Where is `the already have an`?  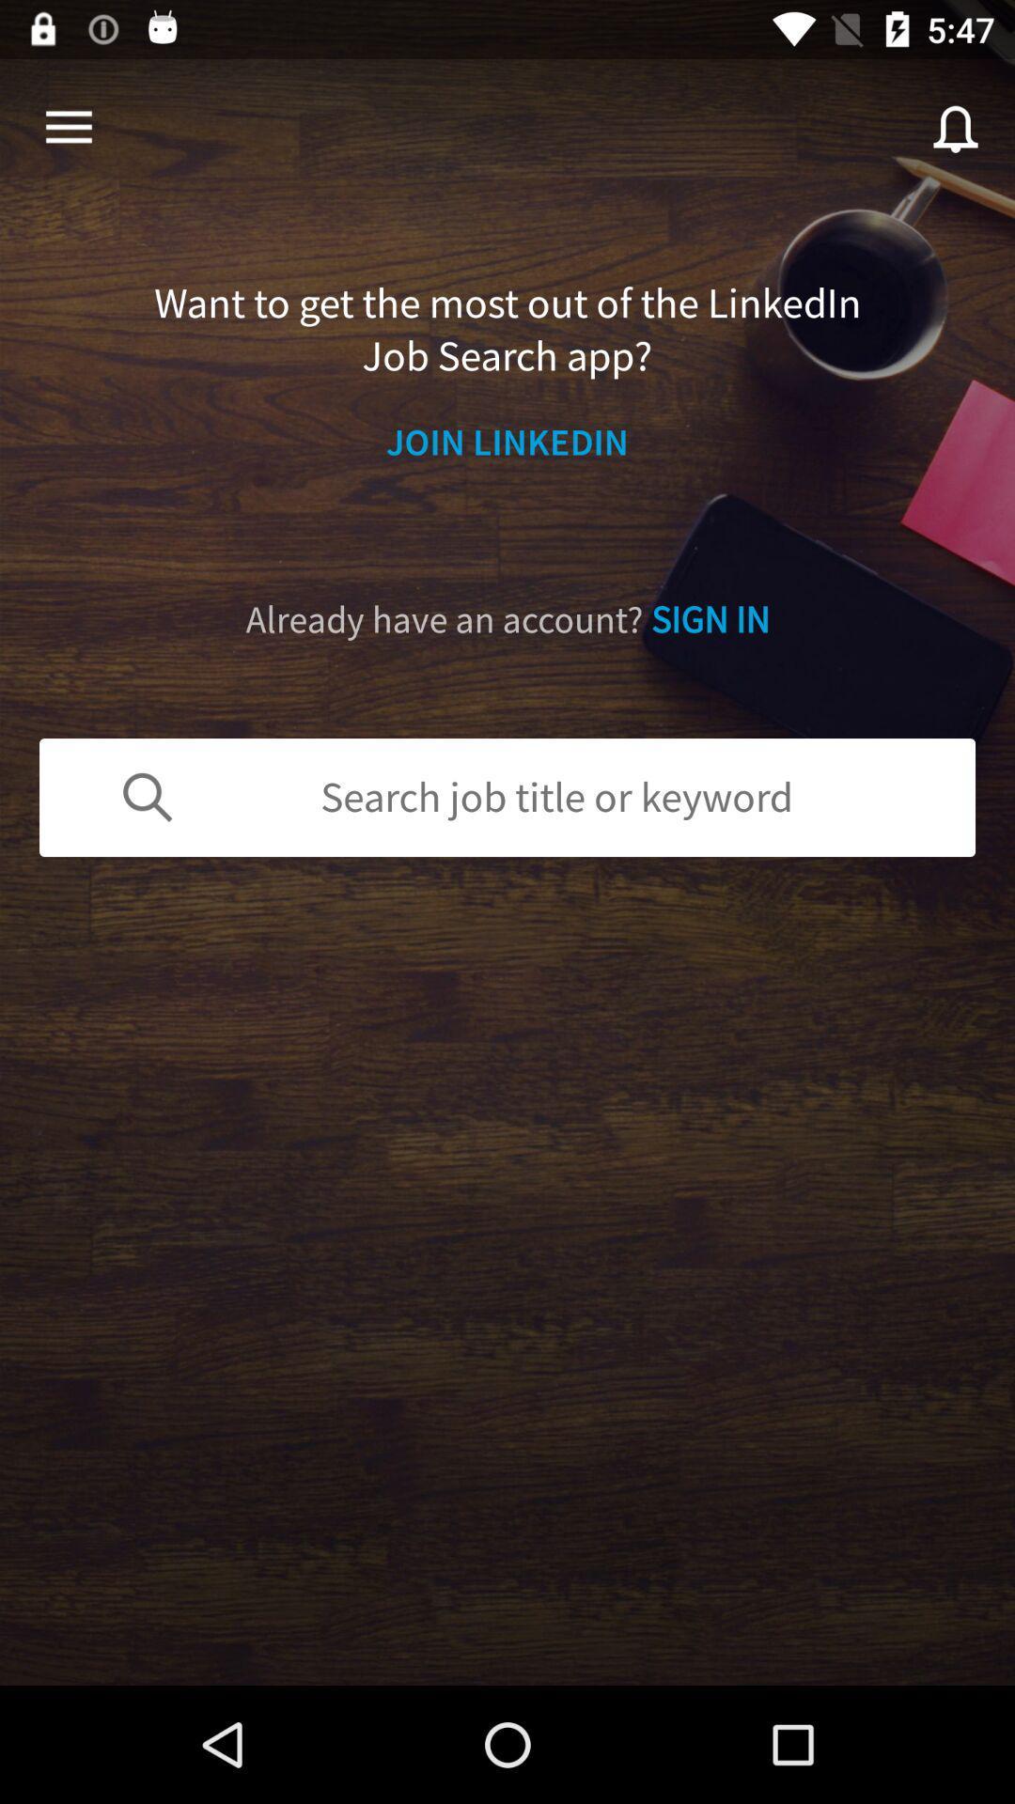 the already have an is located at coordinates (507, 620).